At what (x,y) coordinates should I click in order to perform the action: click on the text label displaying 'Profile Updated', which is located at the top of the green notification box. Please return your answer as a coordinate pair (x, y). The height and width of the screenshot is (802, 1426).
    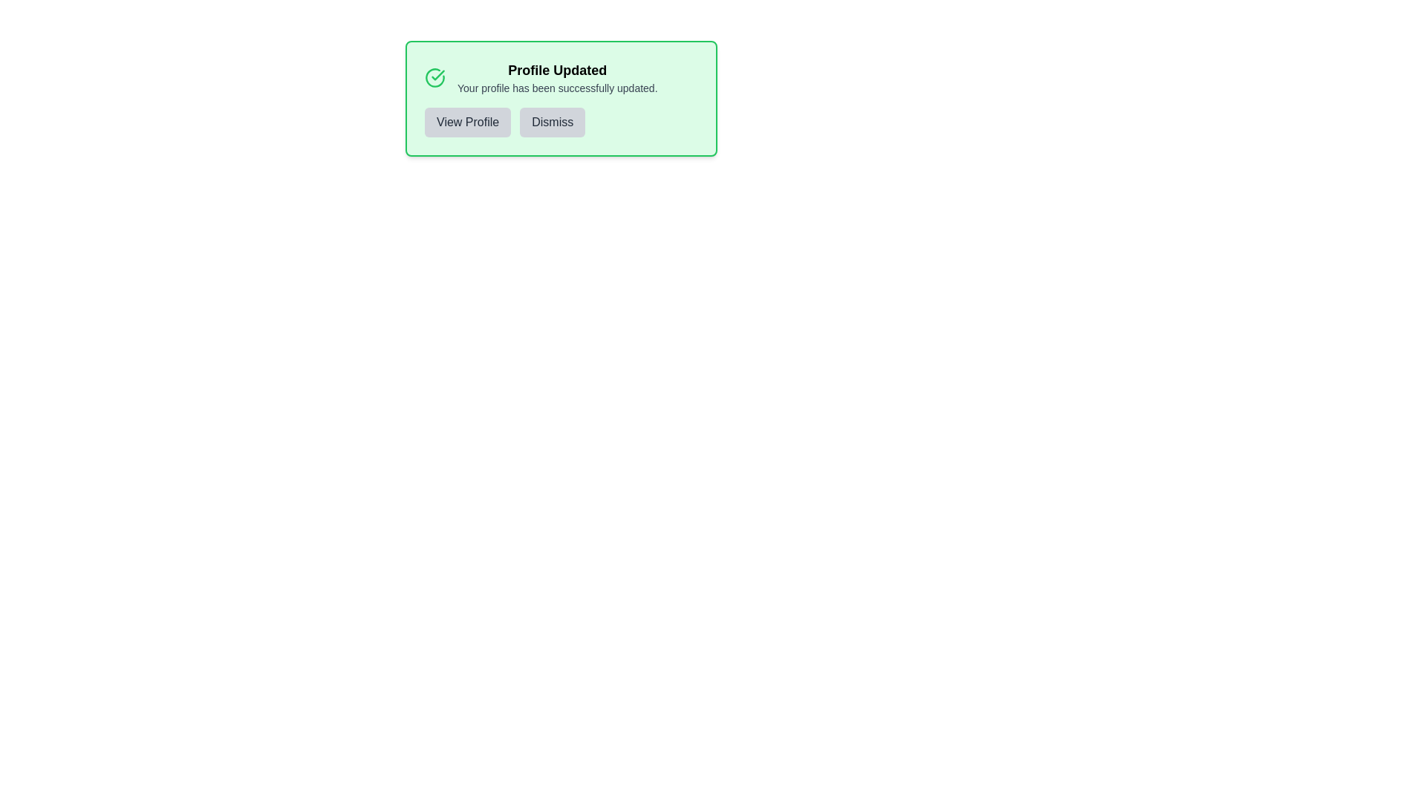
    Looking at the image, I should click on (556, 71).